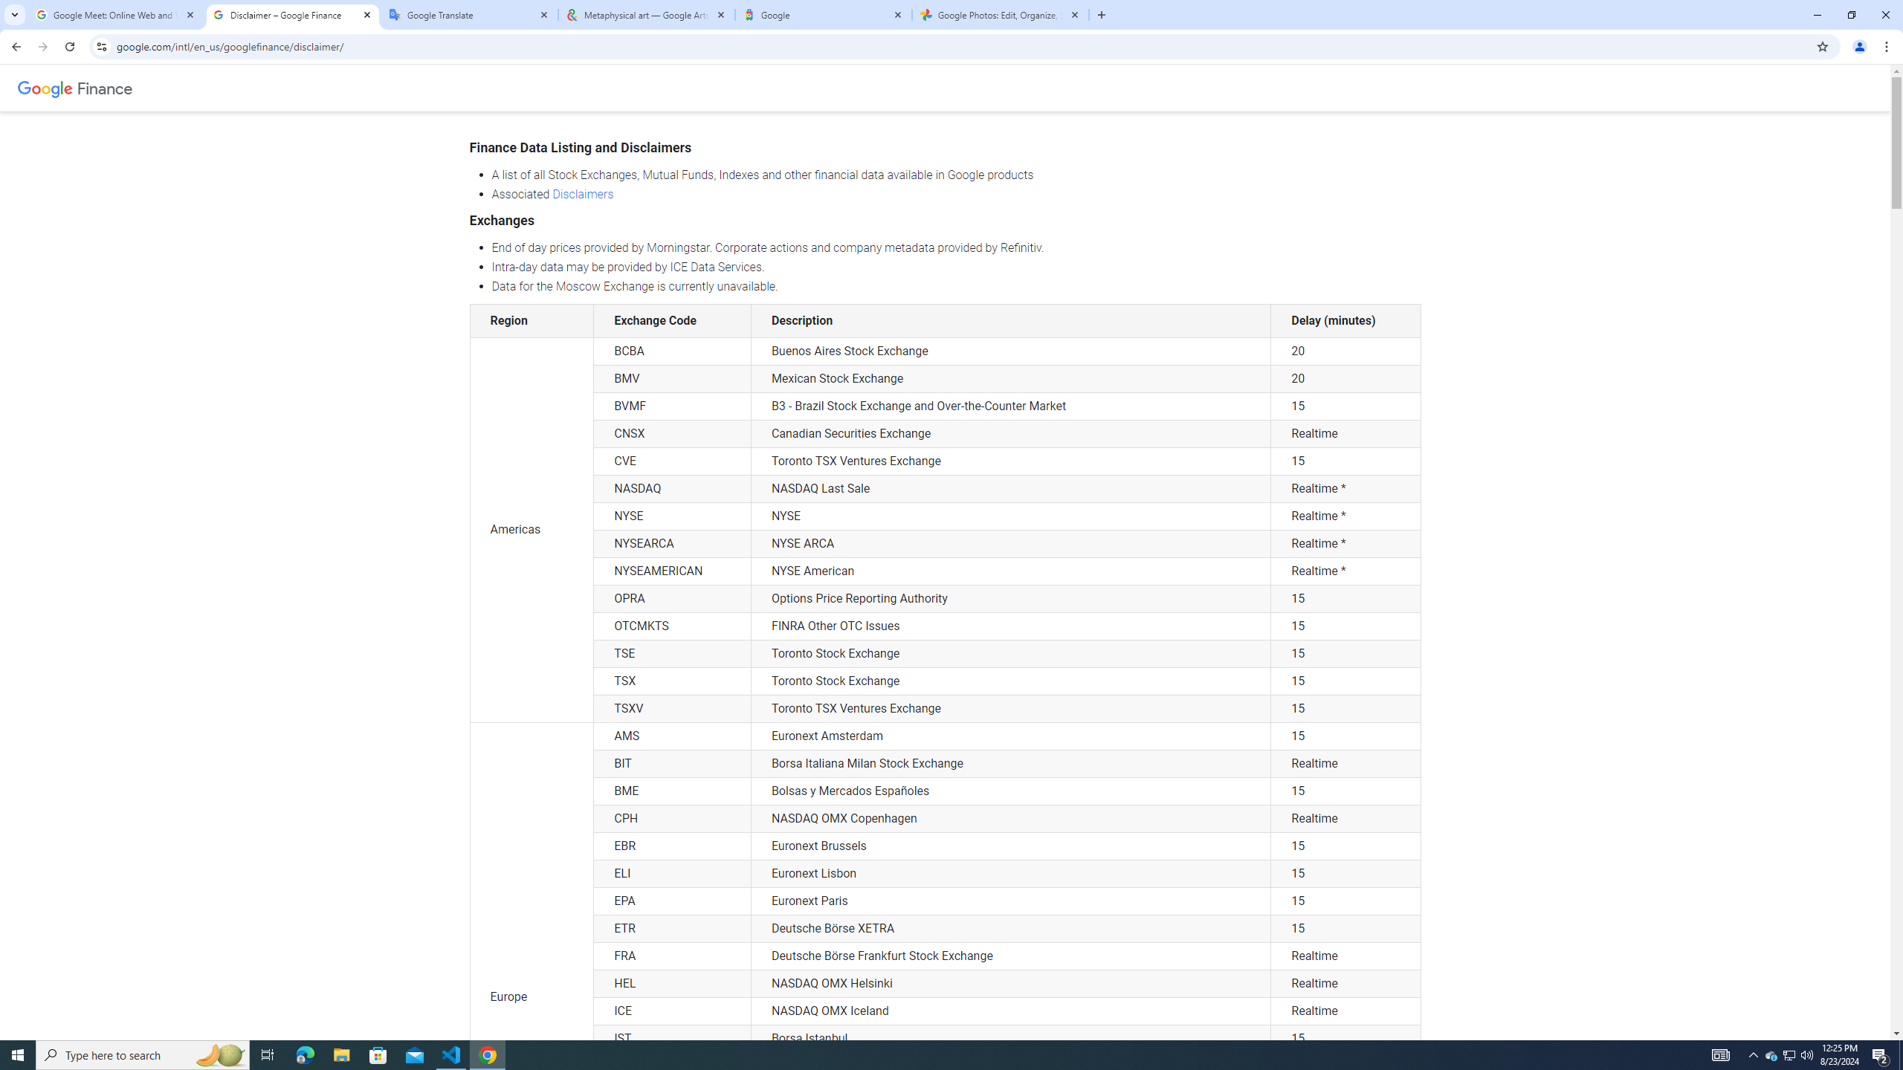  Describe the element at coordinates (672, 817) in the screenshot. I see `'CPH'` at that location.